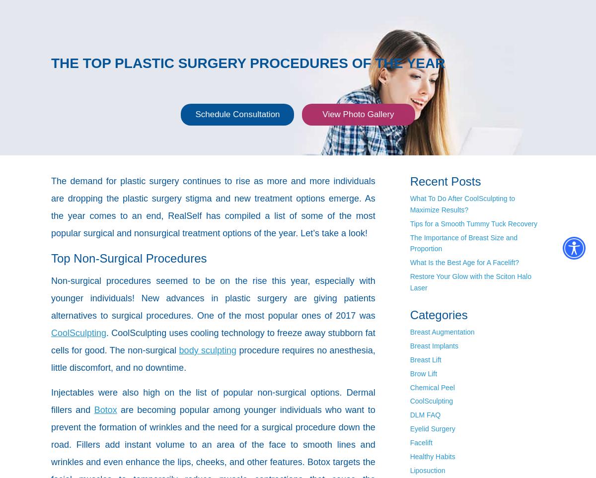 The image size is (596, 478). Describe the element at coordinates (238, 8) in the screenshot. I see `'Gallery'` at that location.